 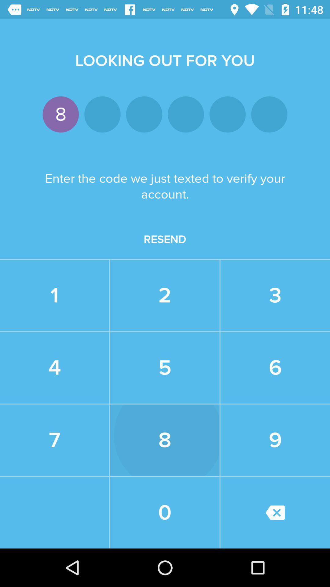 What do you see at coordinates (54, 367) in the screenshot?
I see `4 item` at bounding box center [54, 367].